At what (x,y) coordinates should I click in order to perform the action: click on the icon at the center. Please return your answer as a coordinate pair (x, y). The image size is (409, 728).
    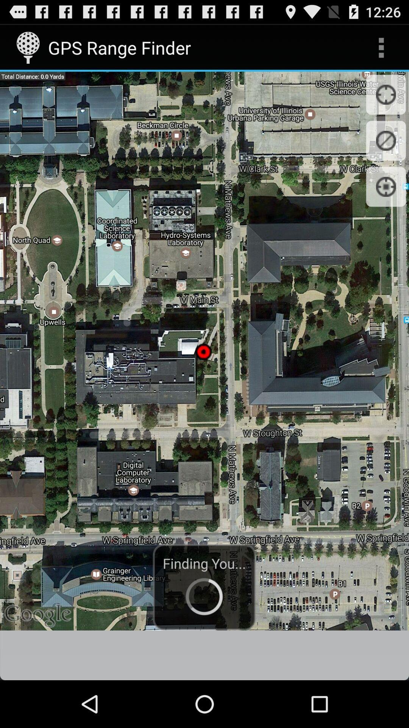
    Looking at the image, I should click on (204, 350).